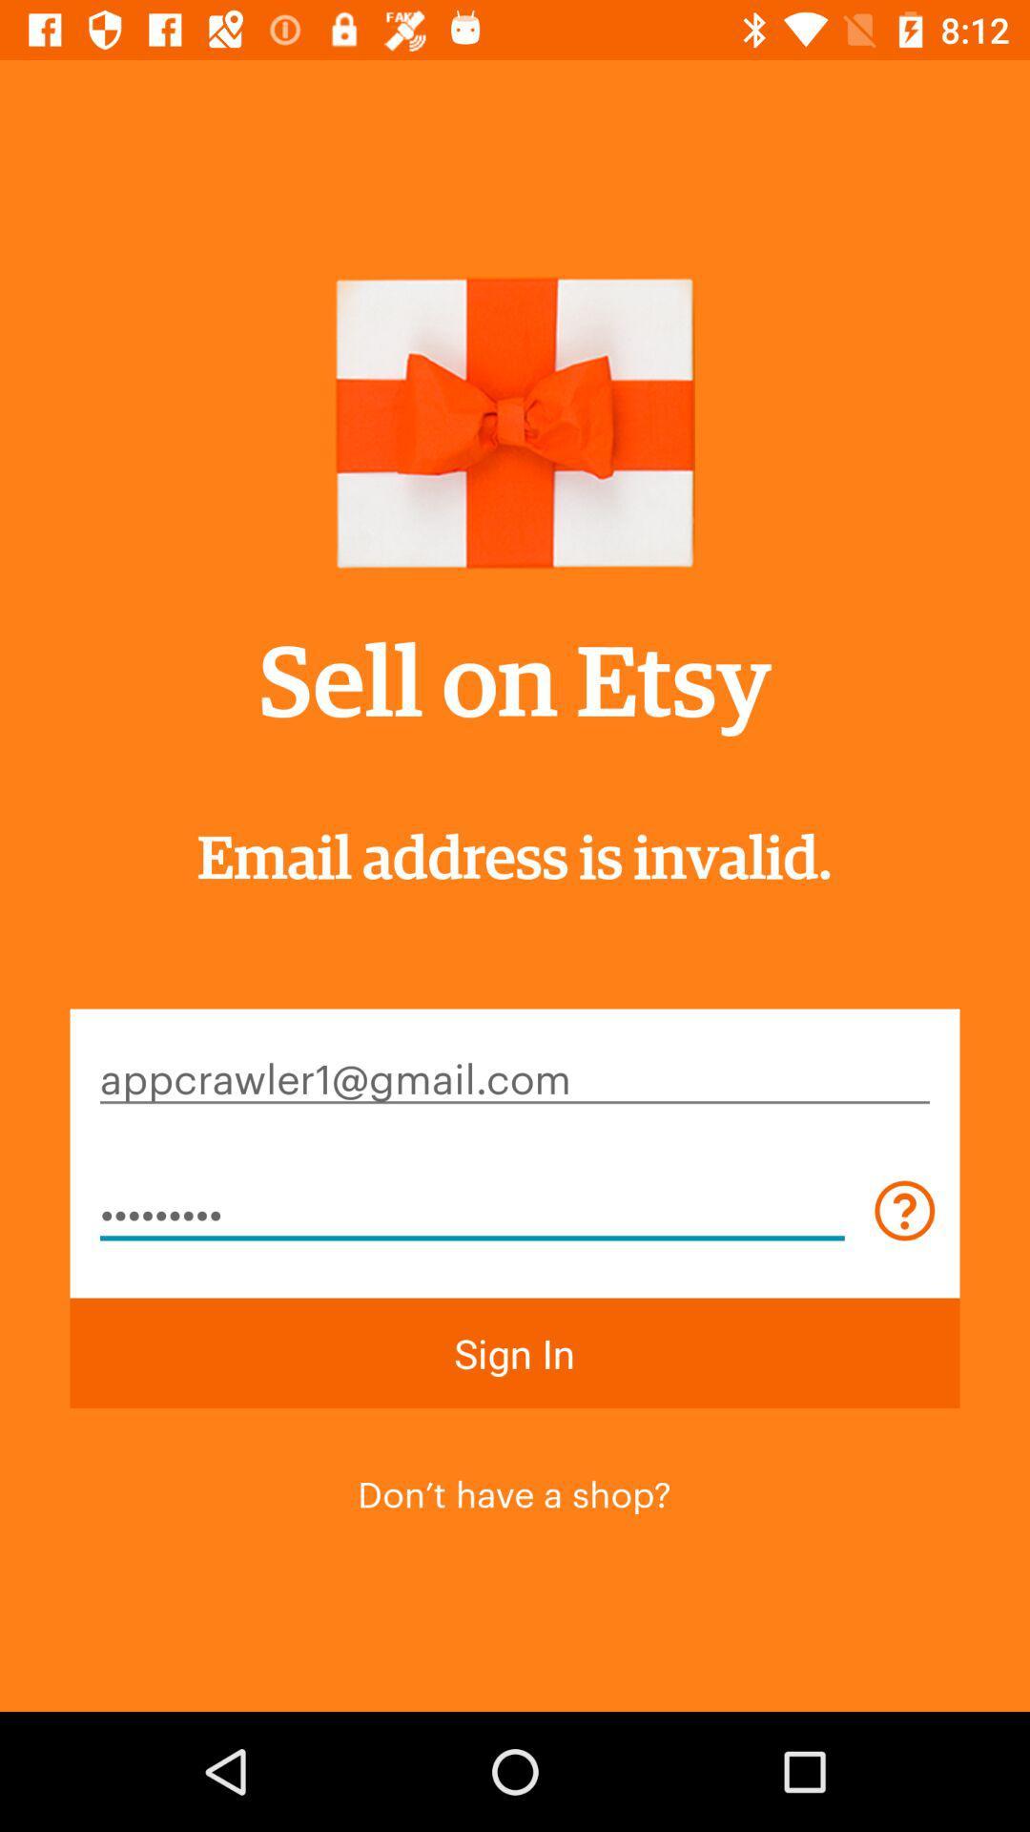  Describe the element at coordinates (472, 1209) in the screenshot. I see `the crowd3116` at that location.